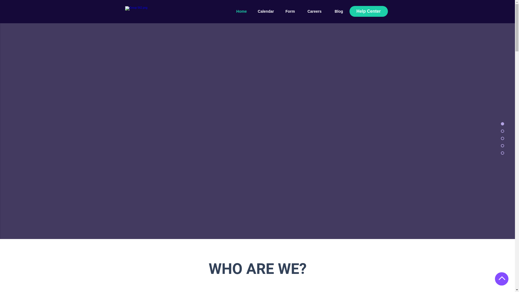 This screenshot has width=519, height=292. What do you see at coordinates (266, 11) in the screenshot?
I see `'Calendar'` at bounding box center [266, 11].